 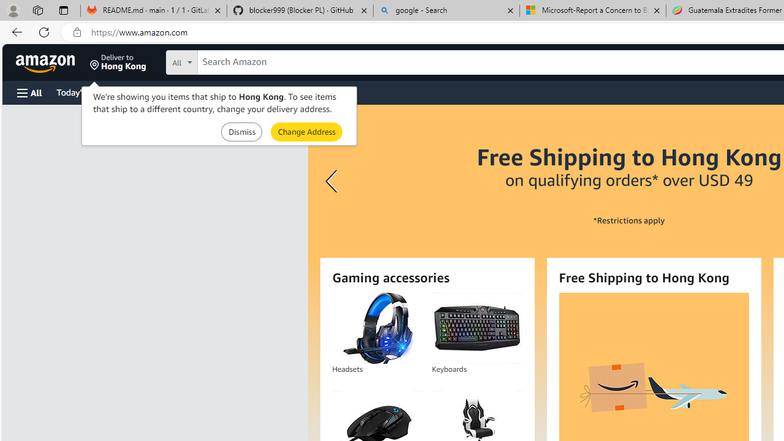 What do you see at coordinates (376, 328) in the screenshot?
I see `'Headsets'` at bounding box center [376, 328].